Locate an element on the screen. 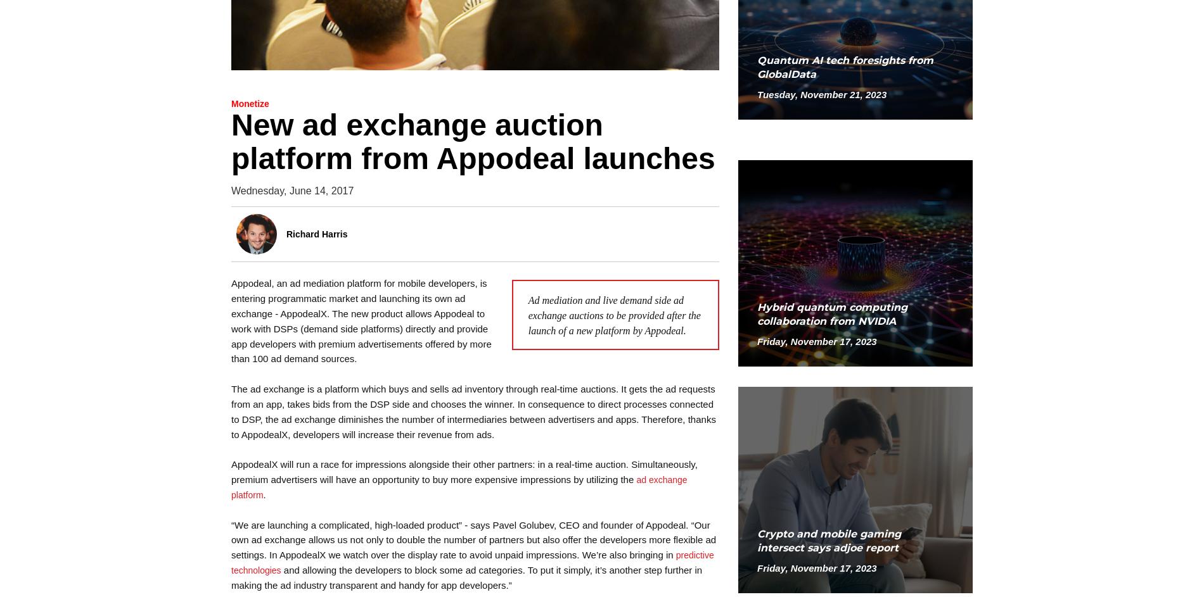 This screenshot has width=1204, height=597. 'and allowing the developers to block some ad categories. To put it simply, it’s another step further in making the ad industry transparent and handy for app developers.”' is located at coordinates (466, 577).